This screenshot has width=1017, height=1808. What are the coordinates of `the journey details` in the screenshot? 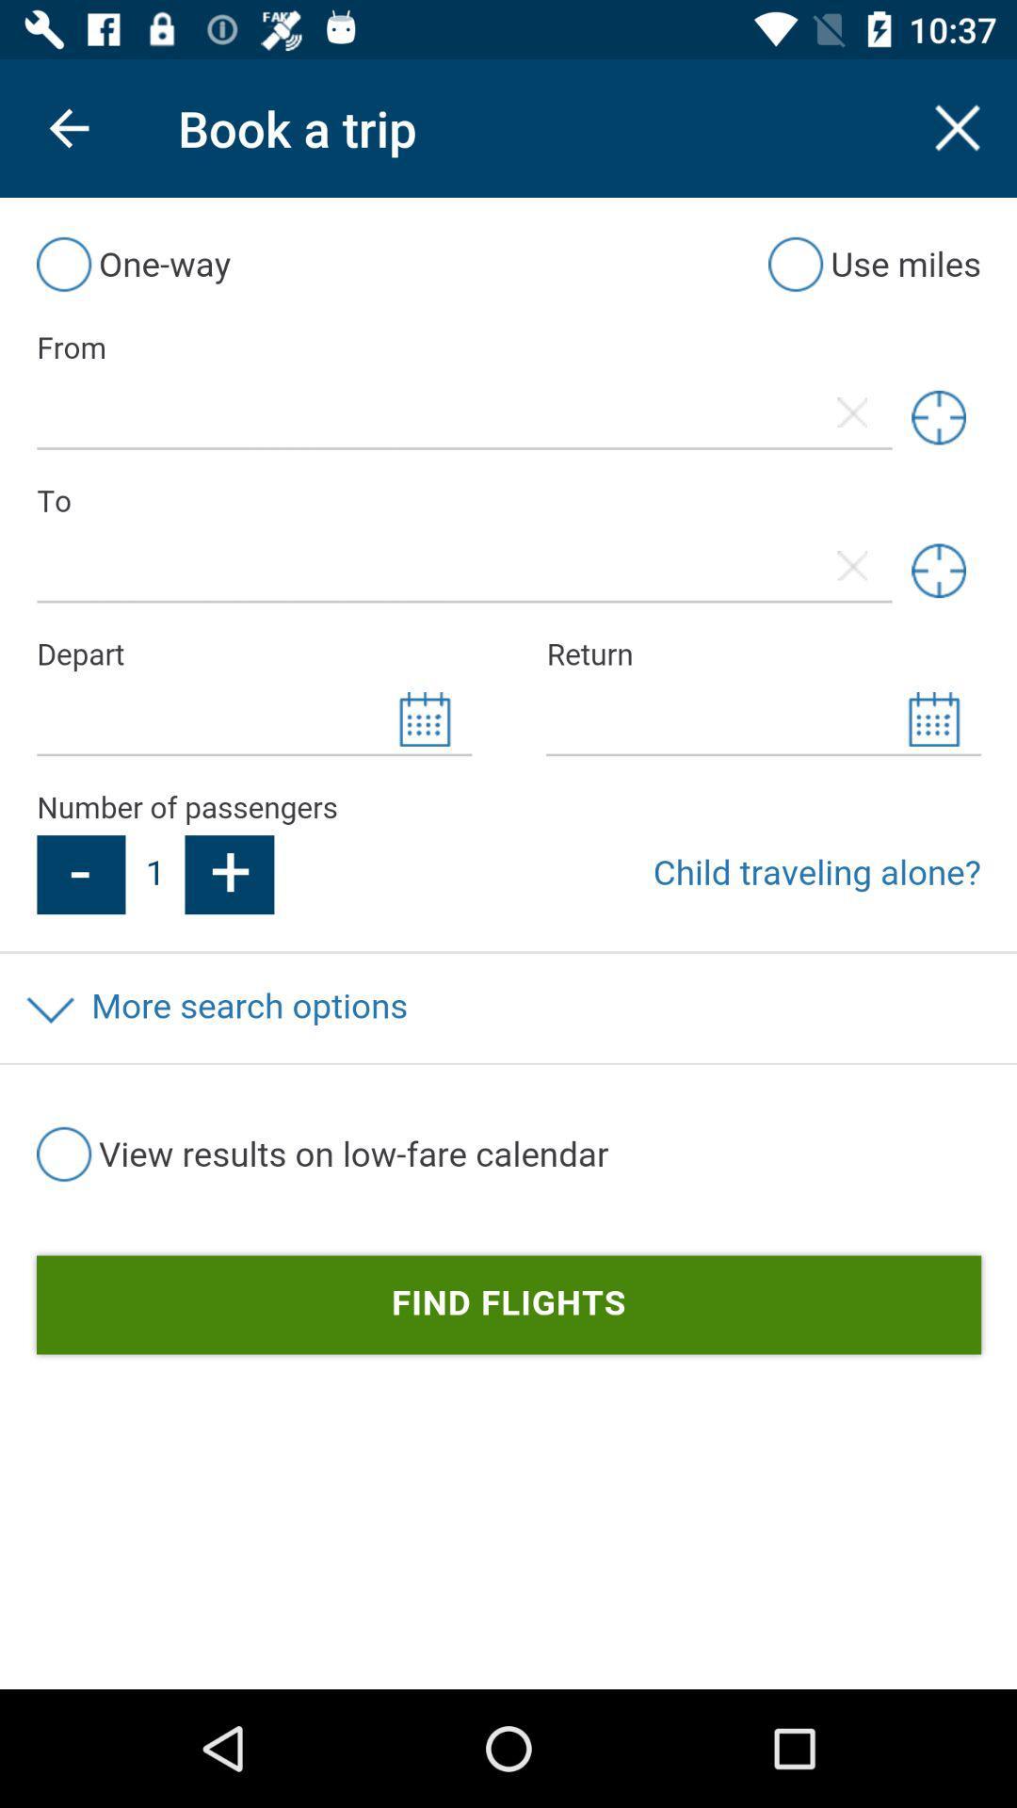 It's located at (508, 944).